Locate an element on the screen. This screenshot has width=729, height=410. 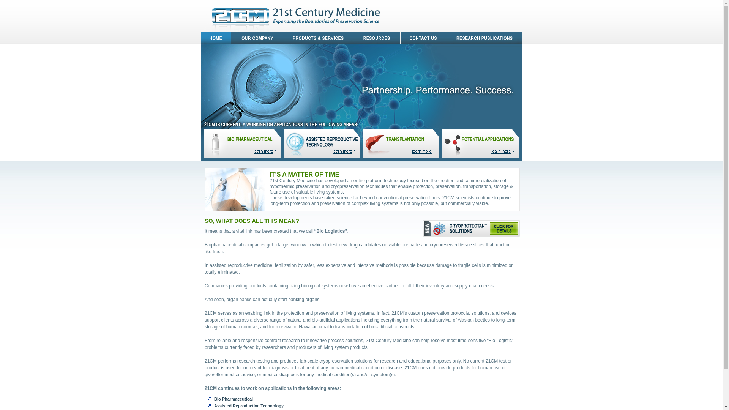
'Potential Applications' is located at coordinates (480, 143).